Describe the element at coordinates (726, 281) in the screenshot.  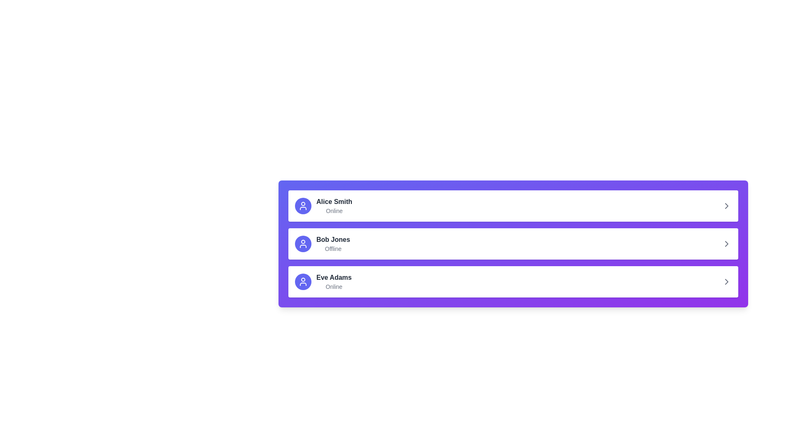
I see `the chevron-right icon located on the far right of the row associated with 'Eve Adams' for potential visual changes` at that location.